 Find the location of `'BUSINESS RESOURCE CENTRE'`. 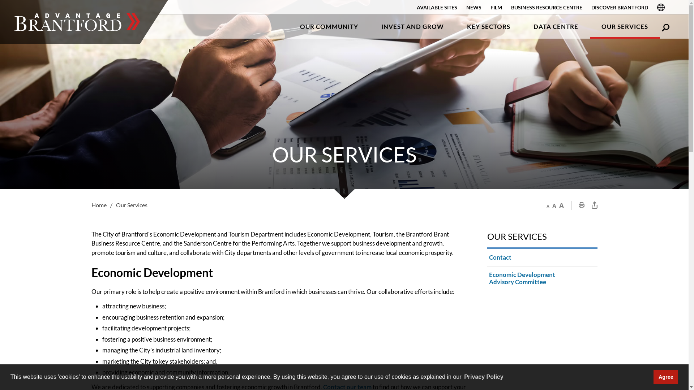

'BUSINESS RESOURCE CENTRE' is located at coordinates (547, 7).